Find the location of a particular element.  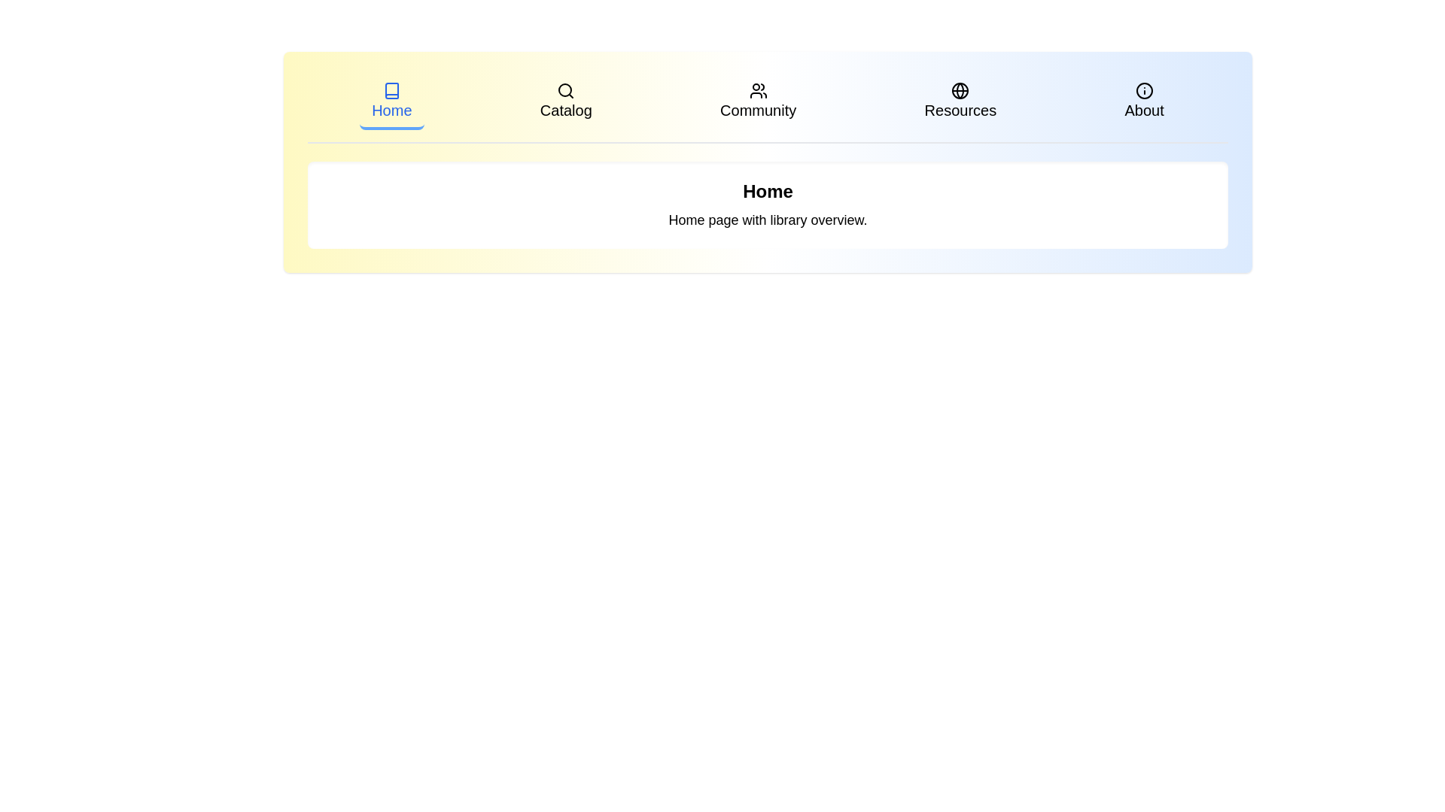

the tab labeled Home to navigate to the respective page is located at coordinates (391, 102).